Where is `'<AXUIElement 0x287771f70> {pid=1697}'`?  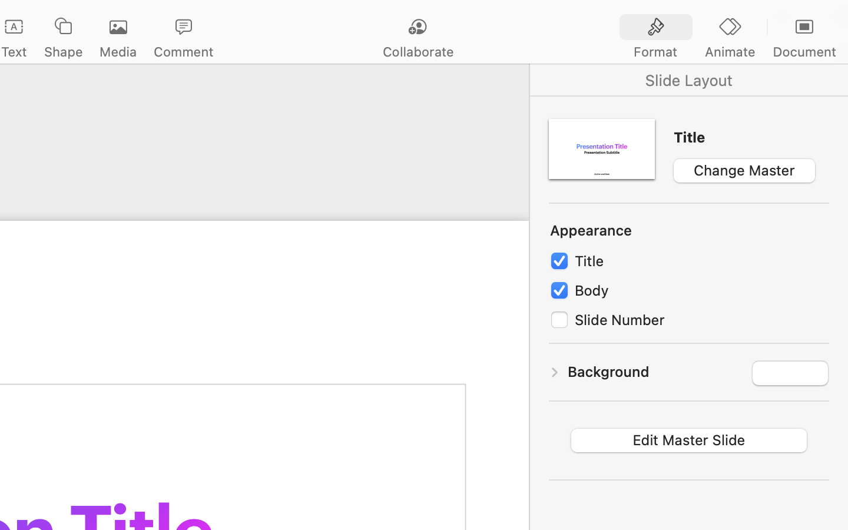 '<AXUIElement 0x287771f70> {pid=1697}' is located at coordinates (729, 26).